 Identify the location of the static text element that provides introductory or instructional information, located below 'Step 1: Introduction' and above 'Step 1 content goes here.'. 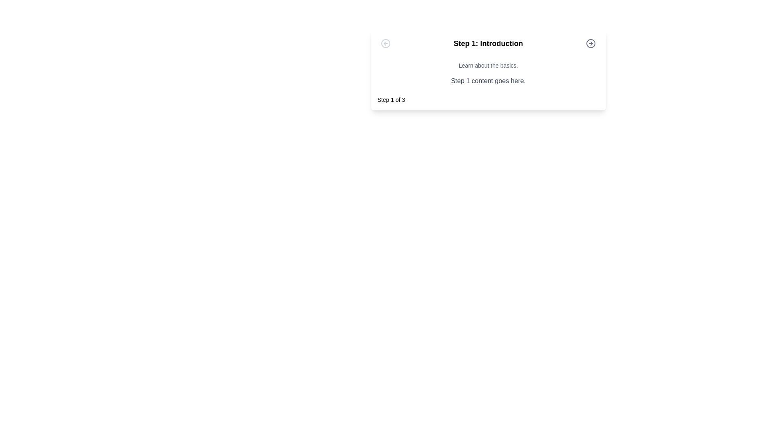
(488, 65).